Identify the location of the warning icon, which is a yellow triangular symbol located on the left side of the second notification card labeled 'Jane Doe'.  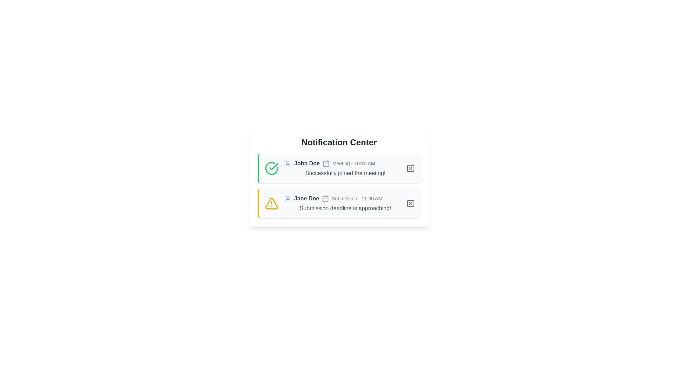
(271, 203).